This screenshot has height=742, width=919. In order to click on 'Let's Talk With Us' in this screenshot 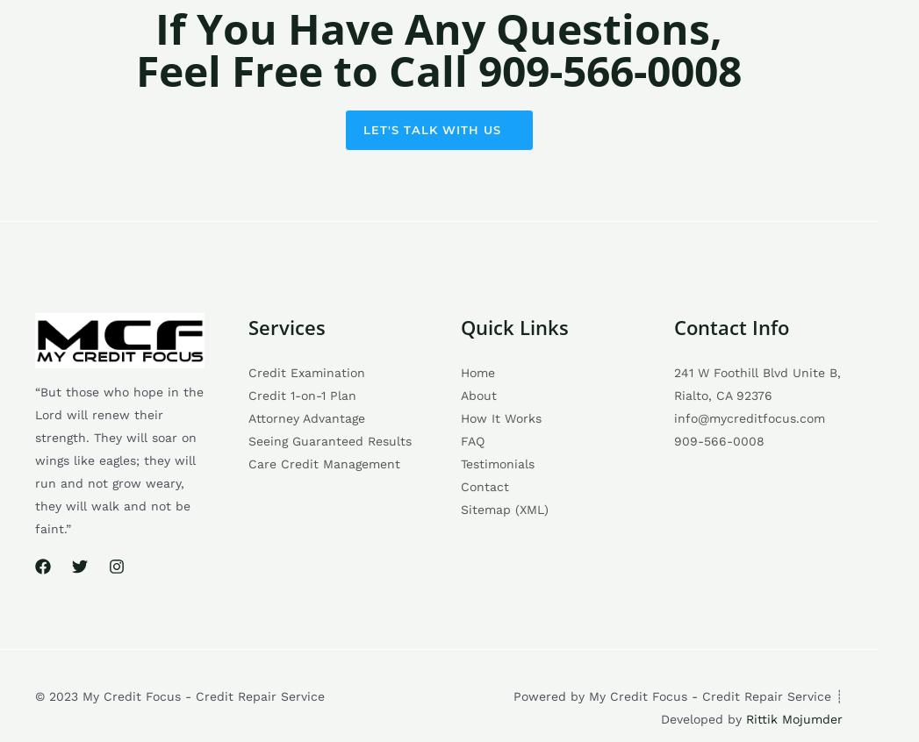, I will do `click(430, 128)`.